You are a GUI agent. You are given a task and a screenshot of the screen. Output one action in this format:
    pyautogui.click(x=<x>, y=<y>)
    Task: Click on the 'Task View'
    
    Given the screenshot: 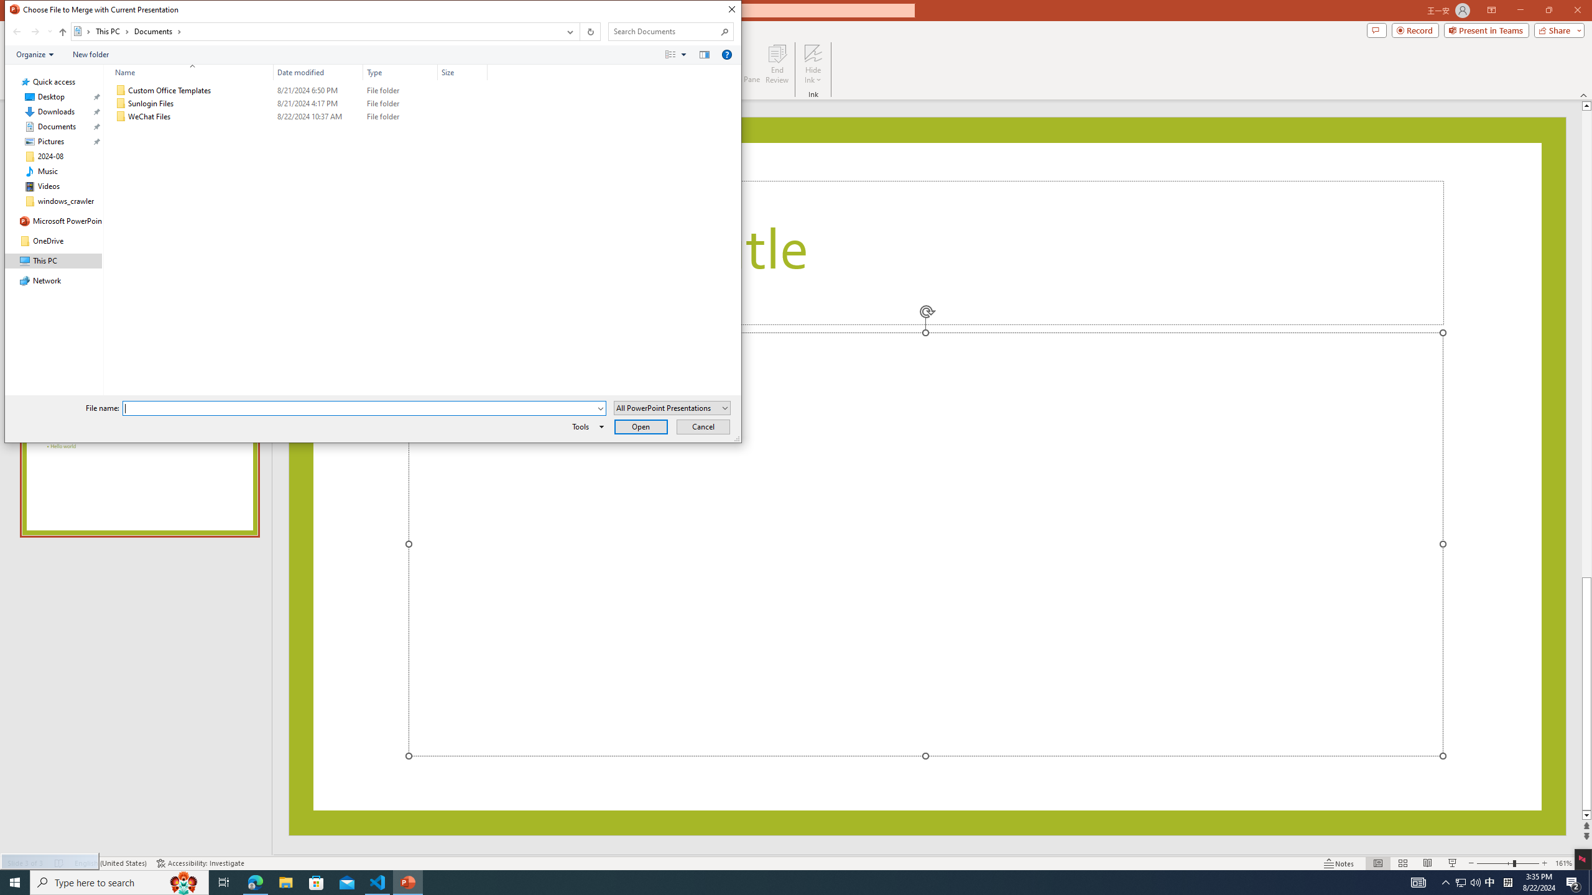 What is the action you would take?
    pyautogui.click(x=223, y=881)
    